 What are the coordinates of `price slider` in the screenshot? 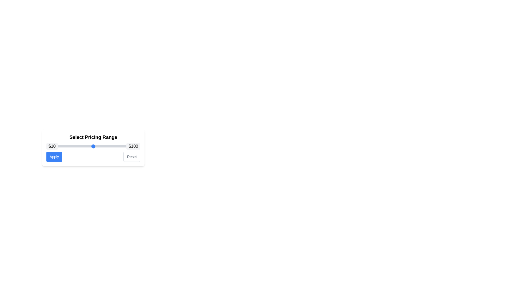 It's located at (138, 146).